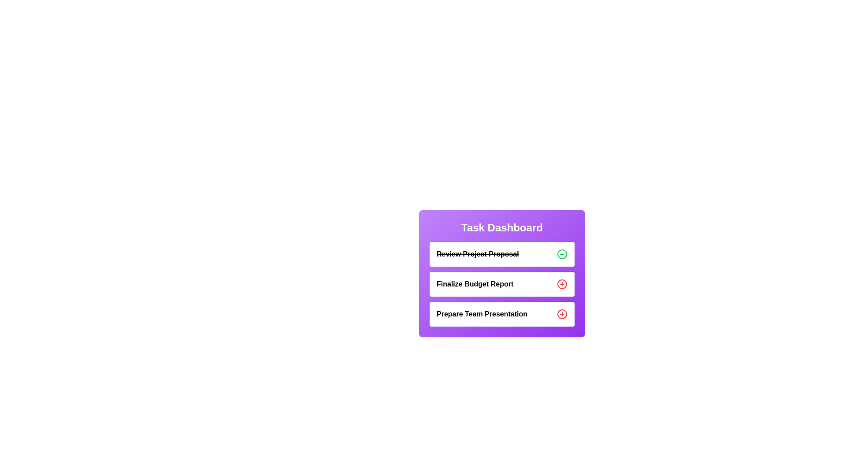  Describe the element at coordinates (562, 284) in the screenshot. I see `the button next to the task "Finalize Budget Report" to toggle its state` at that location.